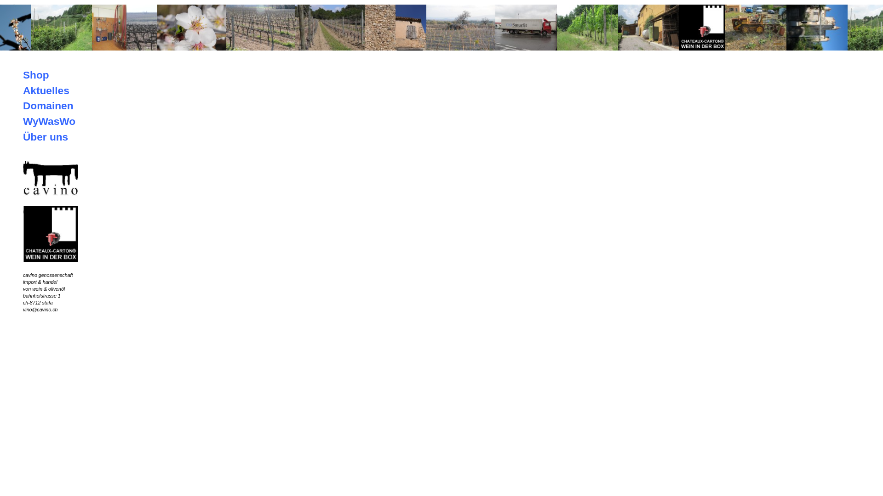  Describe the element at coordinates (48, 120) in the screenshot. I see `'WyWasWo'` at that location.